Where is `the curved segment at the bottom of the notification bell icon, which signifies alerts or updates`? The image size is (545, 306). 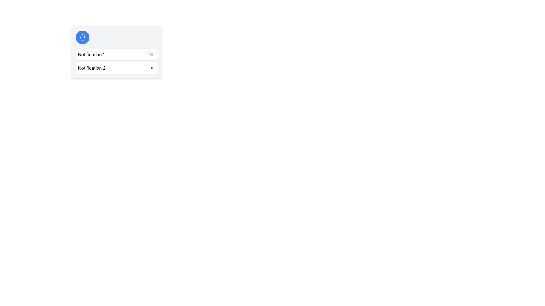 the curved segment at the bottom of the notification bell icon, which signifies alerts or updates is located at coordinates (82, 37).